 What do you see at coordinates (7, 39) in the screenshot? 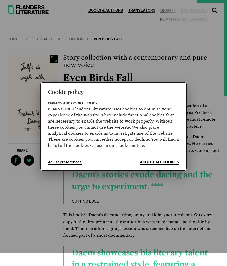
I see `'Home'` at bounding box center [7, 39].